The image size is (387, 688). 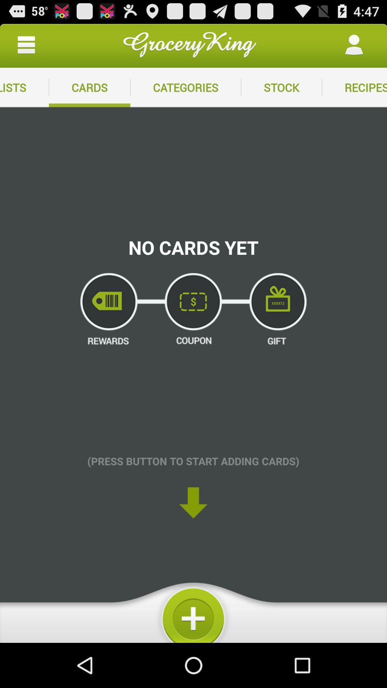 I want to click on the app next to stock item, so click(x=354, y=87).